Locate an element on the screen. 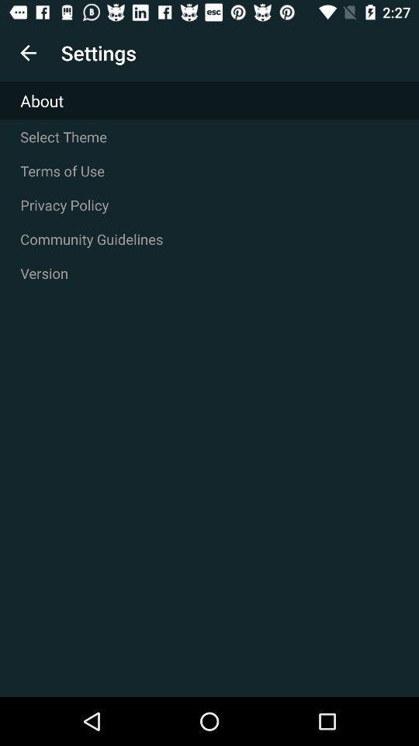  the icon above privacy policy icon is located at coordinates (209, 171).